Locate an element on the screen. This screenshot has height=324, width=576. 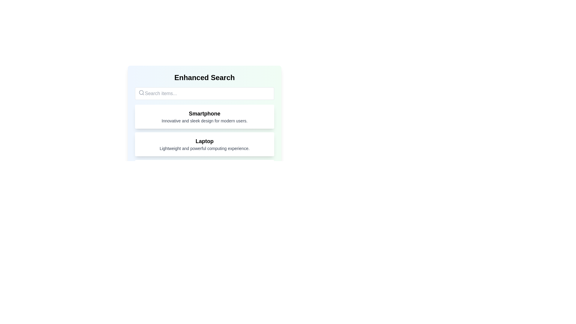
the small magnifying glass icon located to the left of the search input field in the header of the search section is located at coordinates (141, 92).